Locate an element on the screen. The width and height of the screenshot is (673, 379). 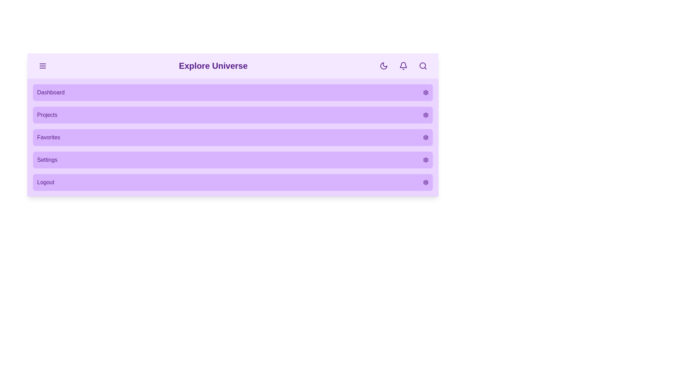
the header text 'Explore Universe' is located at coordinates (213, 66).